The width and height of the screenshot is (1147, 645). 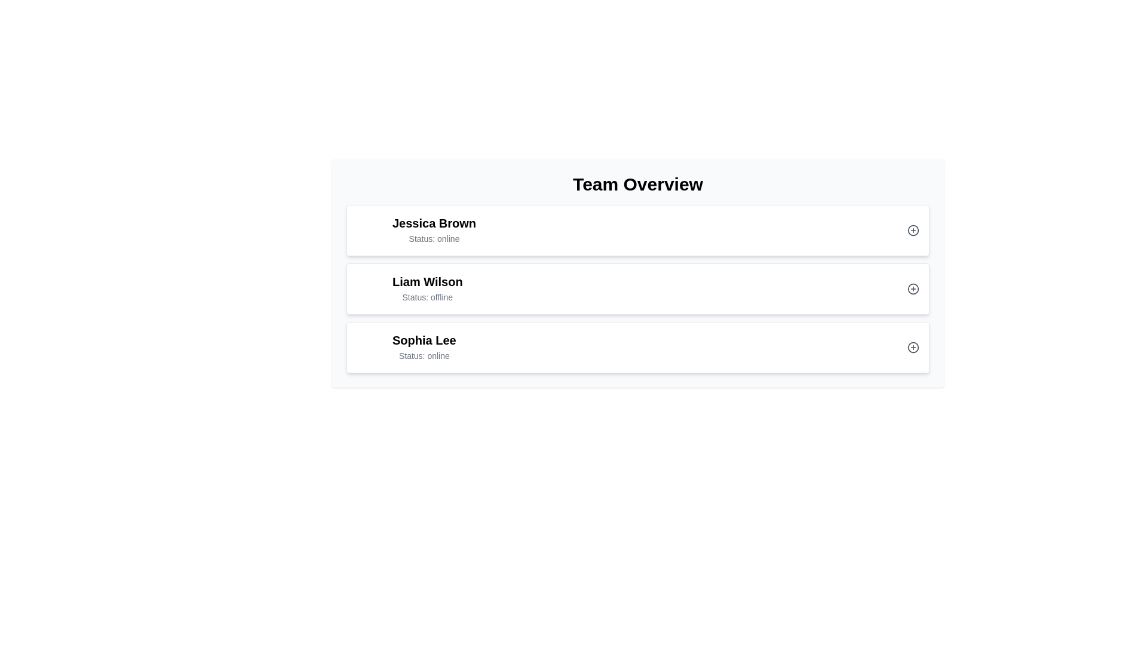 I want to click on the label displaying the name 'Jessica Brown', so click(x=434, y=223).